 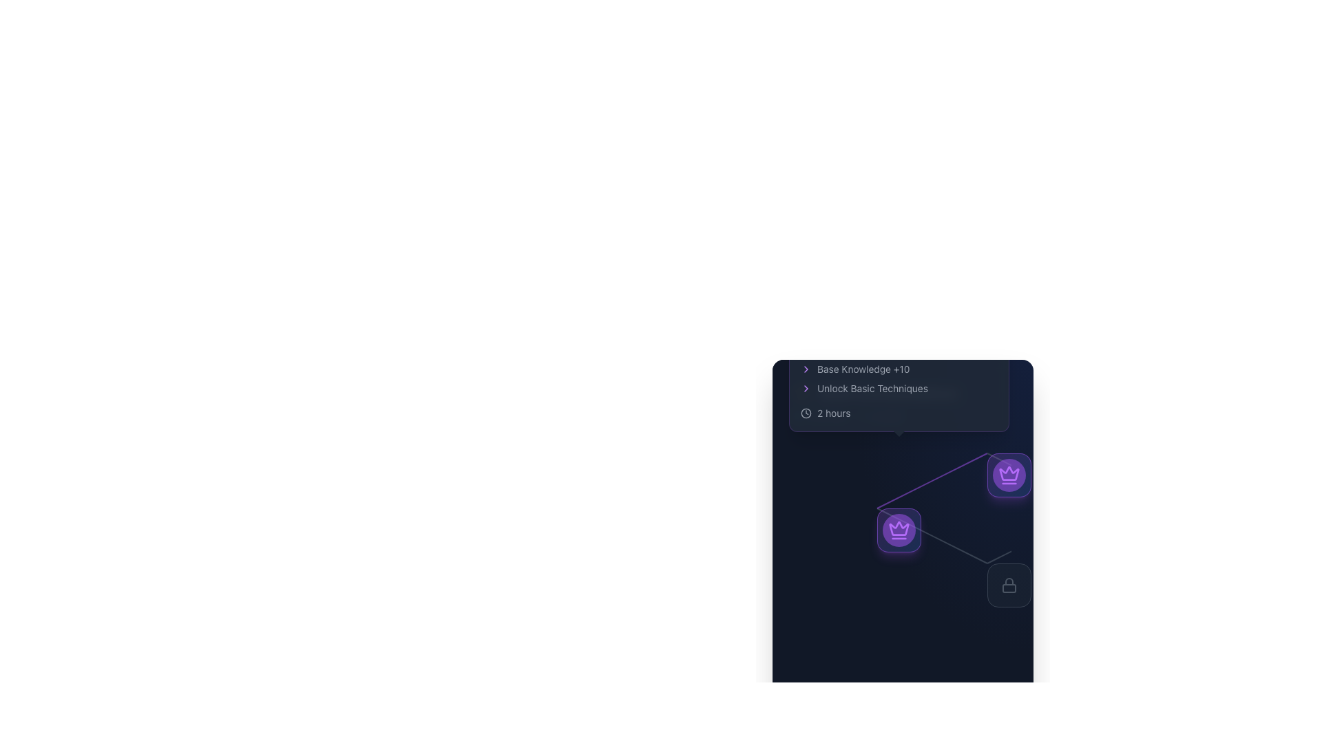 I want to click on the modern light gray outlined lock icon centered within its rounded-rectangle design, so click(x=1009, y=585).